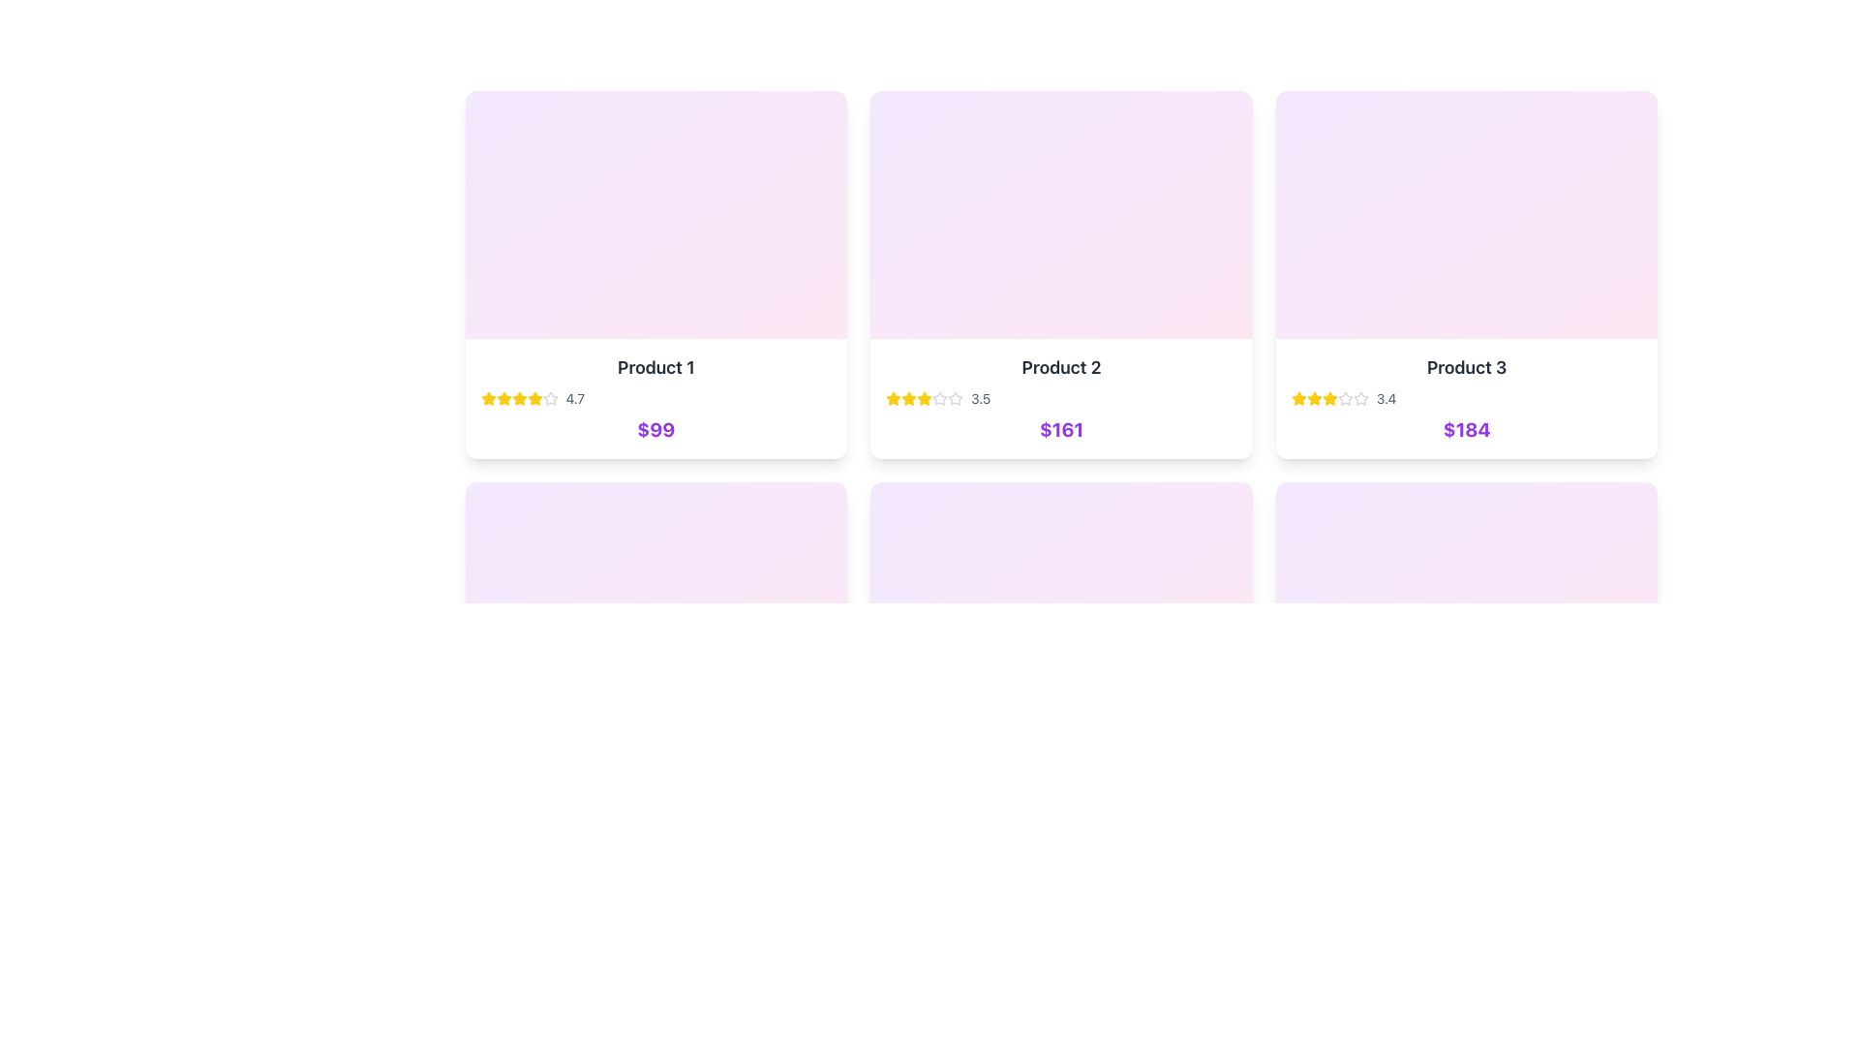 The image size is (1859, 1046). Describe the element at coordinates (1179, 119) in the screenshot. I see `the leftmost button in the top-right corner of the card representing Product 2 to mark the product as favorite` at that location.